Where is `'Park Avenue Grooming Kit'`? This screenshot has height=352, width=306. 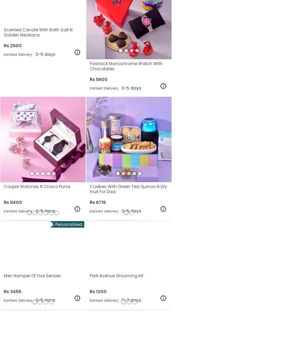 'Park Avenue Grooming Kit' is located at coordinates (117, 275).